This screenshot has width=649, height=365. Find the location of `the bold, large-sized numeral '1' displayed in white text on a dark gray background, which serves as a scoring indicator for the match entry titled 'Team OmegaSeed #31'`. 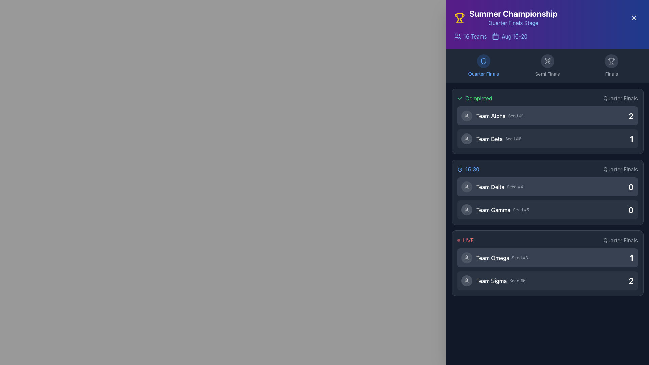

the bold, large-sized numeral '1' displayed in white text on a dark gray background, which serves as a scoring indicator for the match entry titled 'Team OmegaSeed #31' is located at coordinates (631, 258).